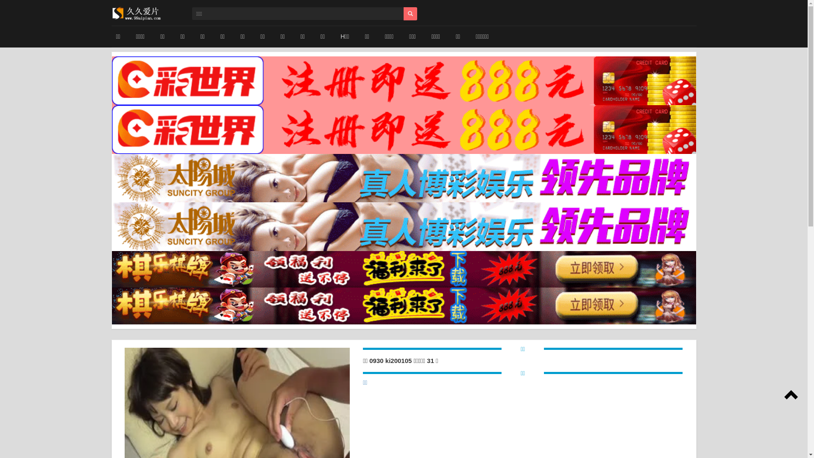  Describe the element at coordinates (111, 13) in the screenshot. I see `'www.15h2.com'` at that location.